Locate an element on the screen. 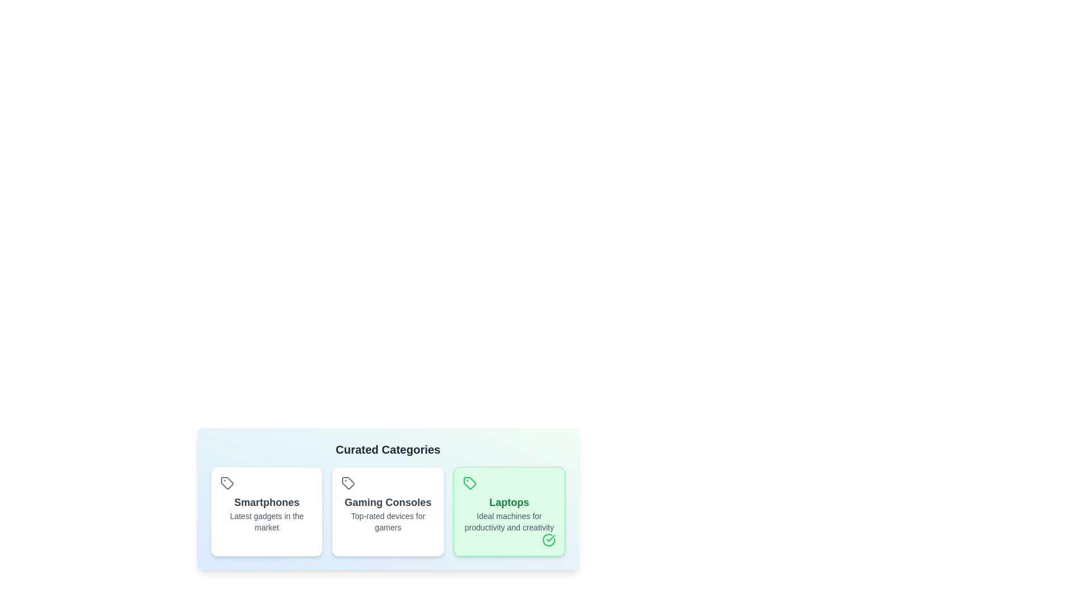 The image size is (1091, 614). the chip labeled Laptops is located at coordinates (509, 511).